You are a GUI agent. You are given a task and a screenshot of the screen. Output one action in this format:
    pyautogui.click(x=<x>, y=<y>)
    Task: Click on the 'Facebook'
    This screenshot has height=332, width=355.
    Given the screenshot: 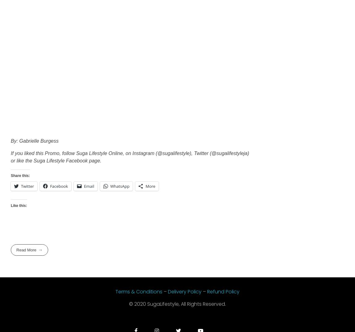 What is the action you would take?
    pyautogui.click(x=59, y=186)
    